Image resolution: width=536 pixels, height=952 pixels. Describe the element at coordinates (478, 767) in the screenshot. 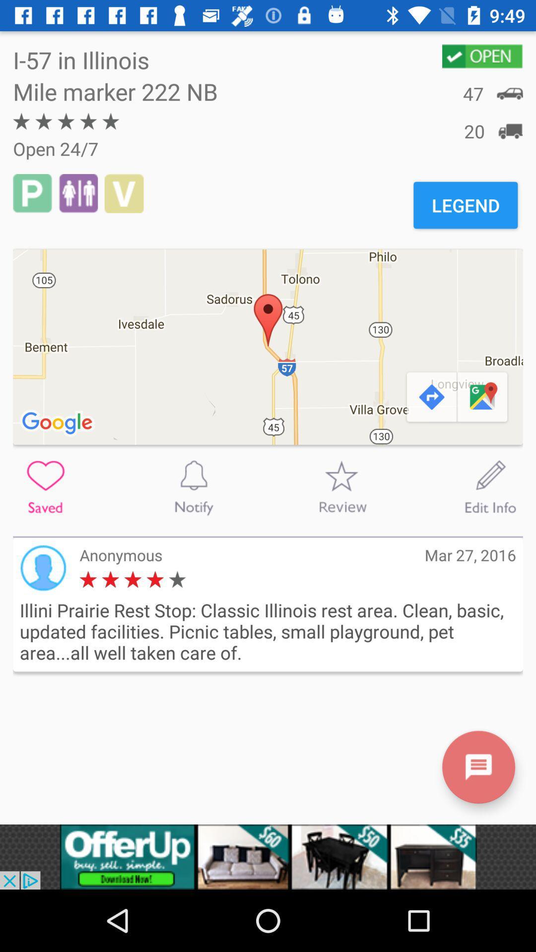

I see `menu button` at that location.